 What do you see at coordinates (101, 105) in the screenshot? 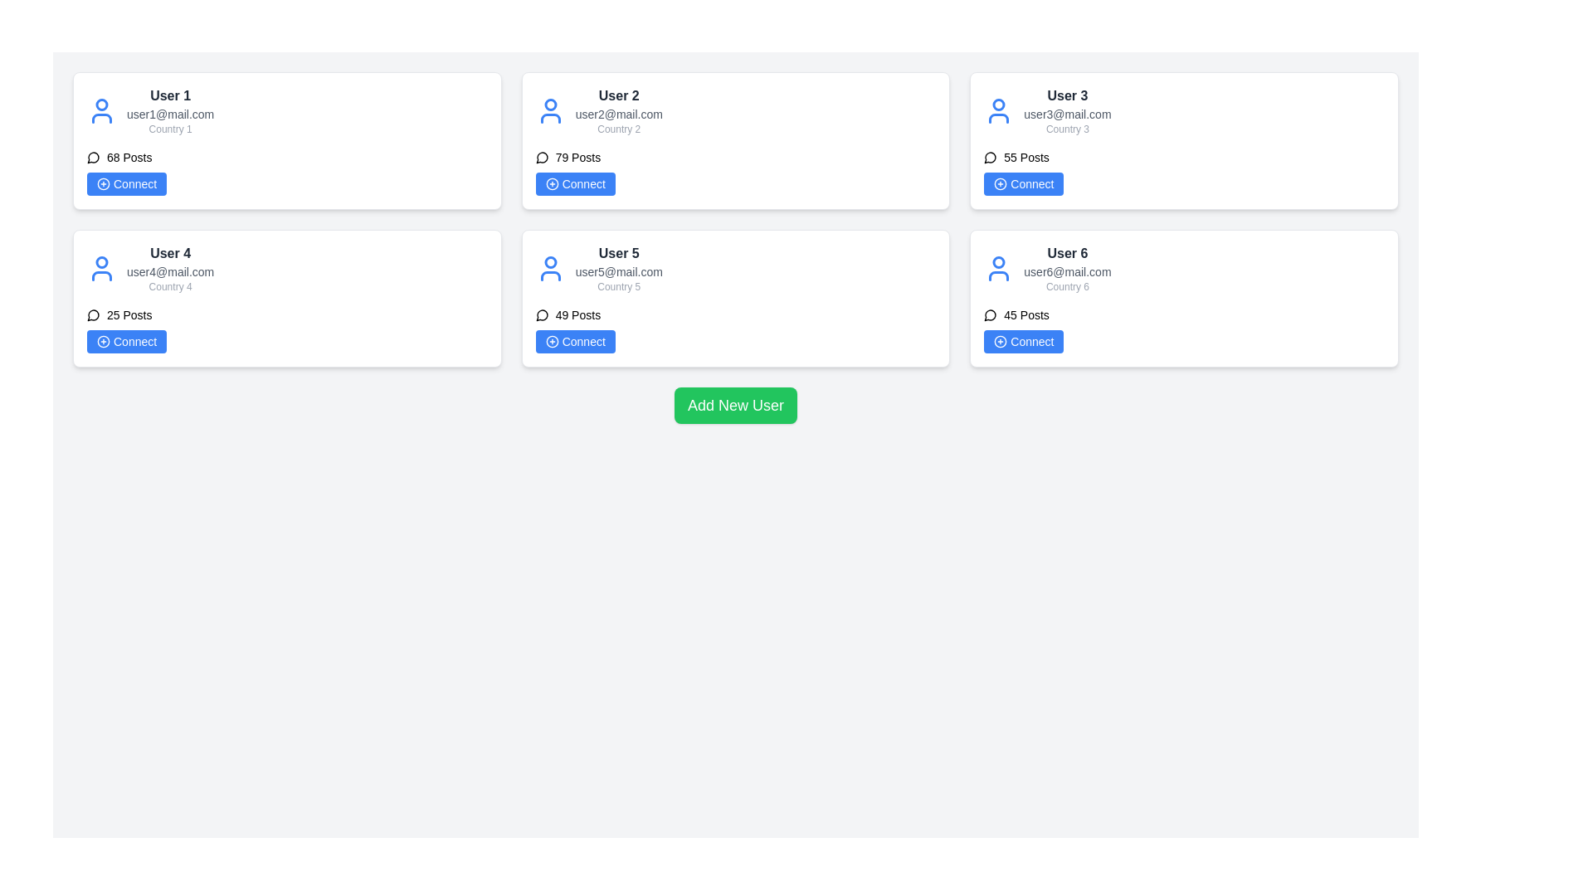
I see `the circular vector graphic representing the user's profile picture in the user card labeled 'User 1'` at bounding box center [101, 105].